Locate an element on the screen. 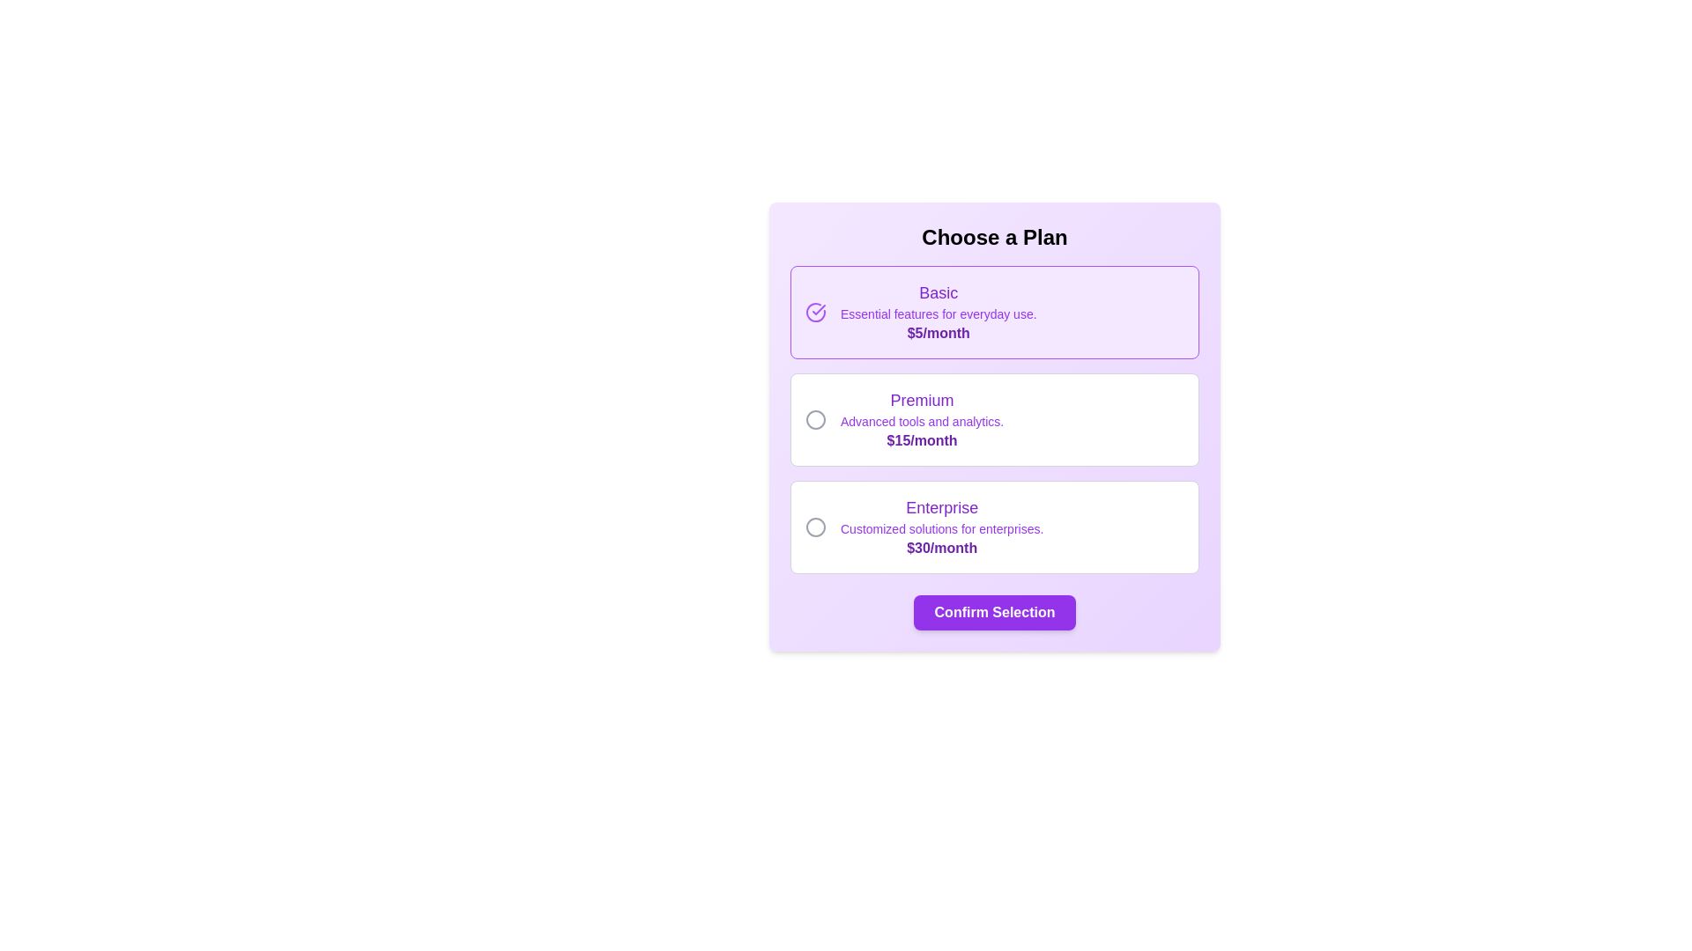 This screenshot has height=951, width=1692. the 'Premium' subscription plan text block, which provides descriptive and pricing information, located in the 'Choose a Plan' section is located at coordinates (921, 420).